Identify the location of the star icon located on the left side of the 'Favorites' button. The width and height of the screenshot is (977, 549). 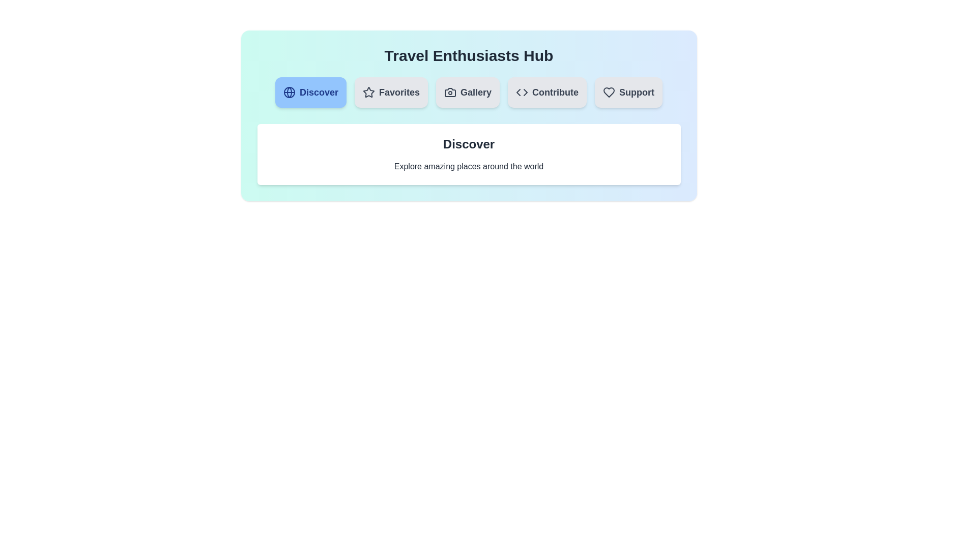
(368, 92).